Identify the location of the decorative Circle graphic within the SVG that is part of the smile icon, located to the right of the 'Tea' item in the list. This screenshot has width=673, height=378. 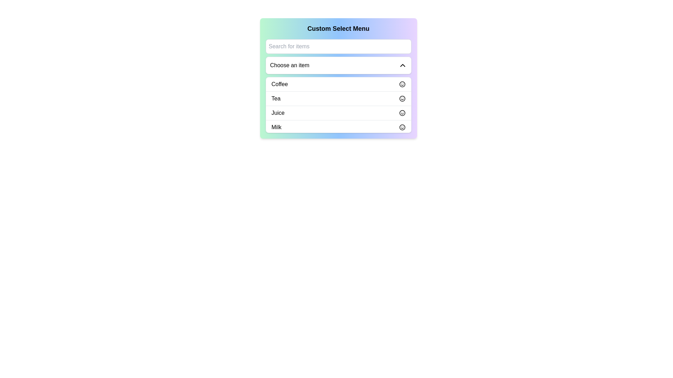
(402, 98).